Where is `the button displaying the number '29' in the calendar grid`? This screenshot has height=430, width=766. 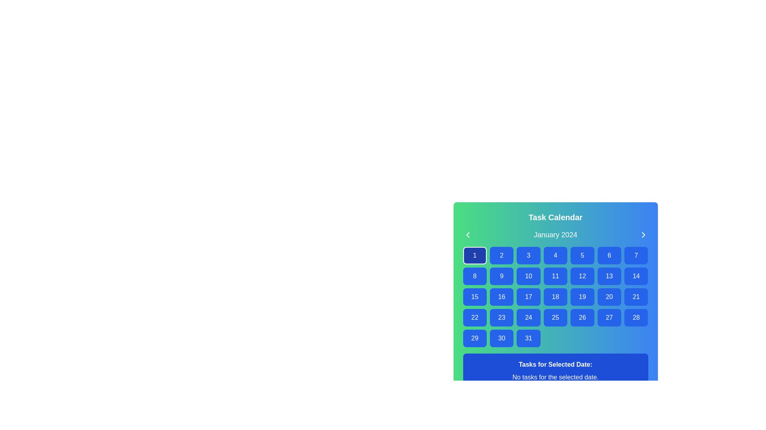 the button displaying the number '29' in the calendar grid is located at coordinates (475, 338).